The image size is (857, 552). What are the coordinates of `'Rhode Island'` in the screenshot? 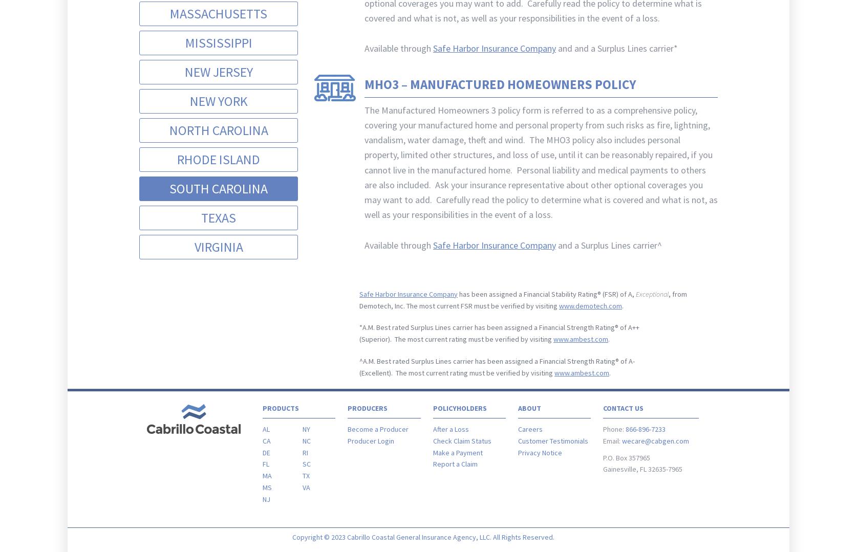 It's located at (218, 158).